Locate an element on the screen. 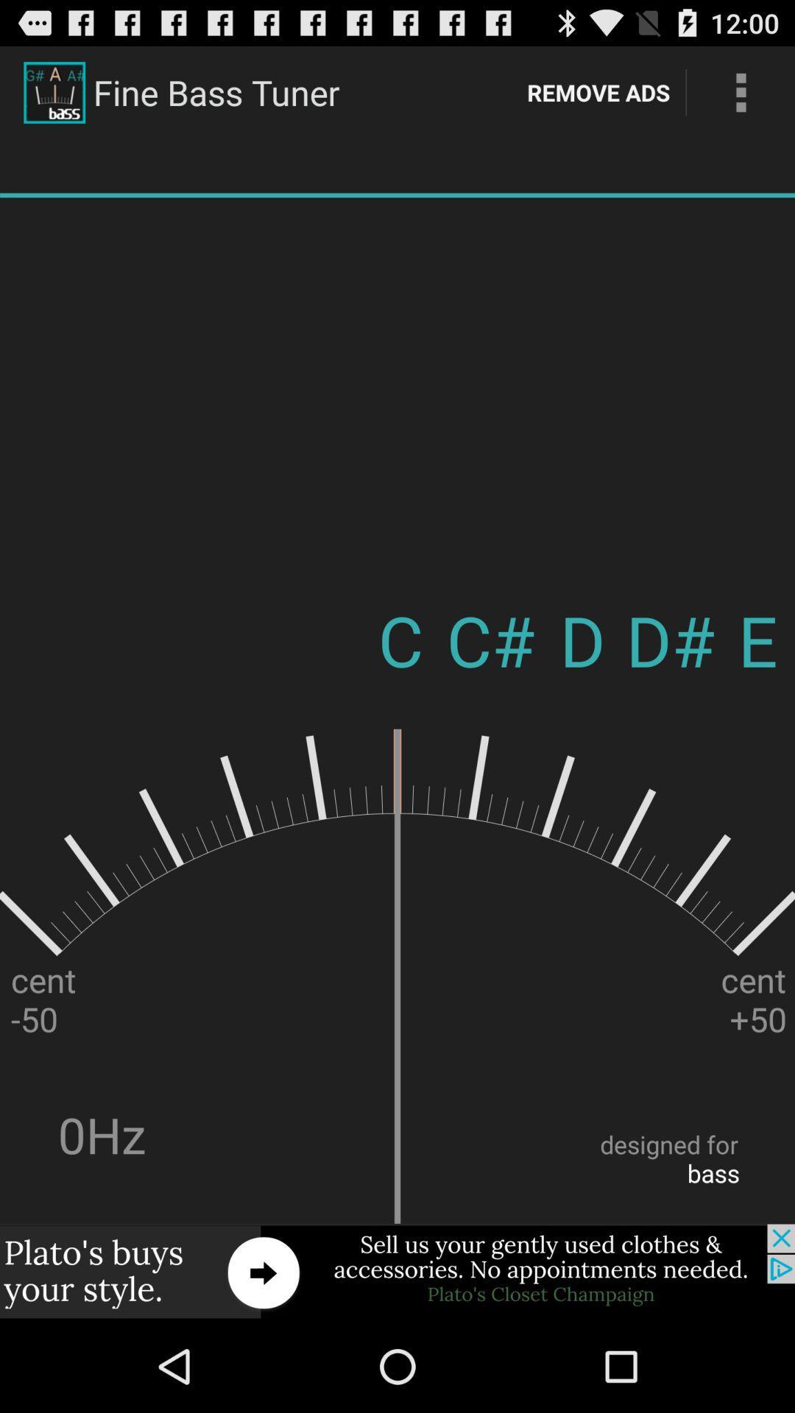  click on advertisement is located at coordinates (397, 1271).